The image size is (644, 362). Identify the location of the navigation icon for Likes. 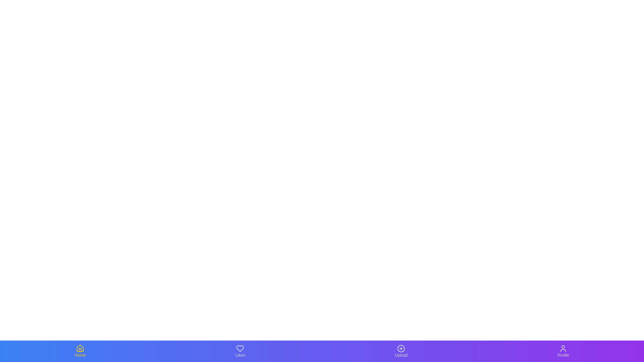
(240, 351).